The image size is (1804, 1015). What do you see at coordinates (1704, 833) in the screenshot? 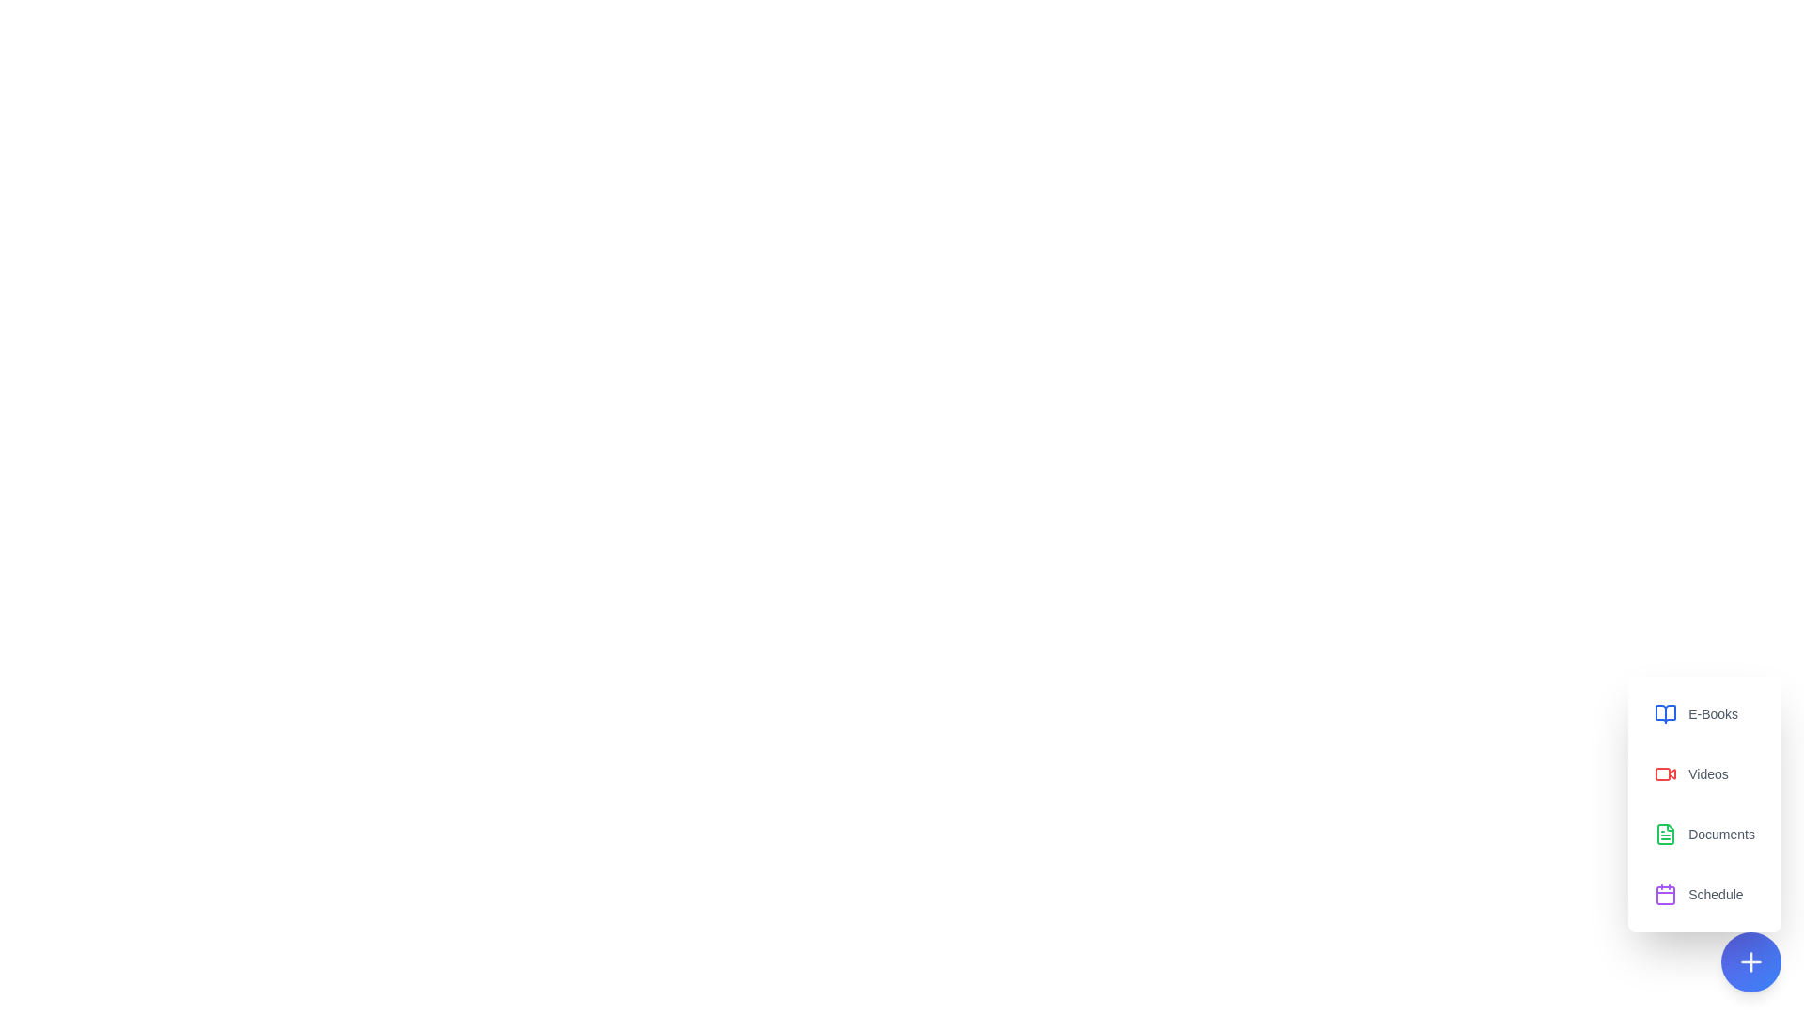
I see `the button corresponding to Documents to access the desired resource` at bounding box center [1704, 833].